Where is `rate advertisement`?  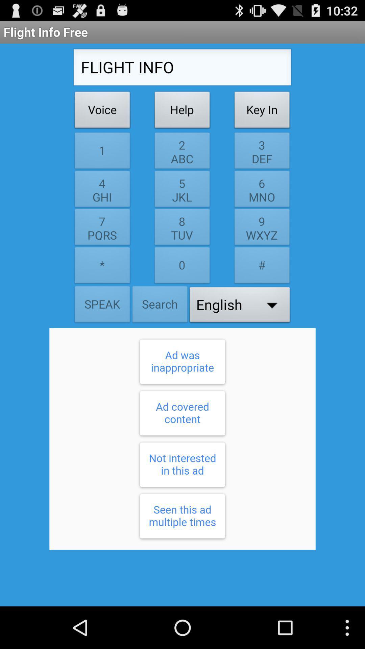 rate advertisement is located at coordinates (182, 439).